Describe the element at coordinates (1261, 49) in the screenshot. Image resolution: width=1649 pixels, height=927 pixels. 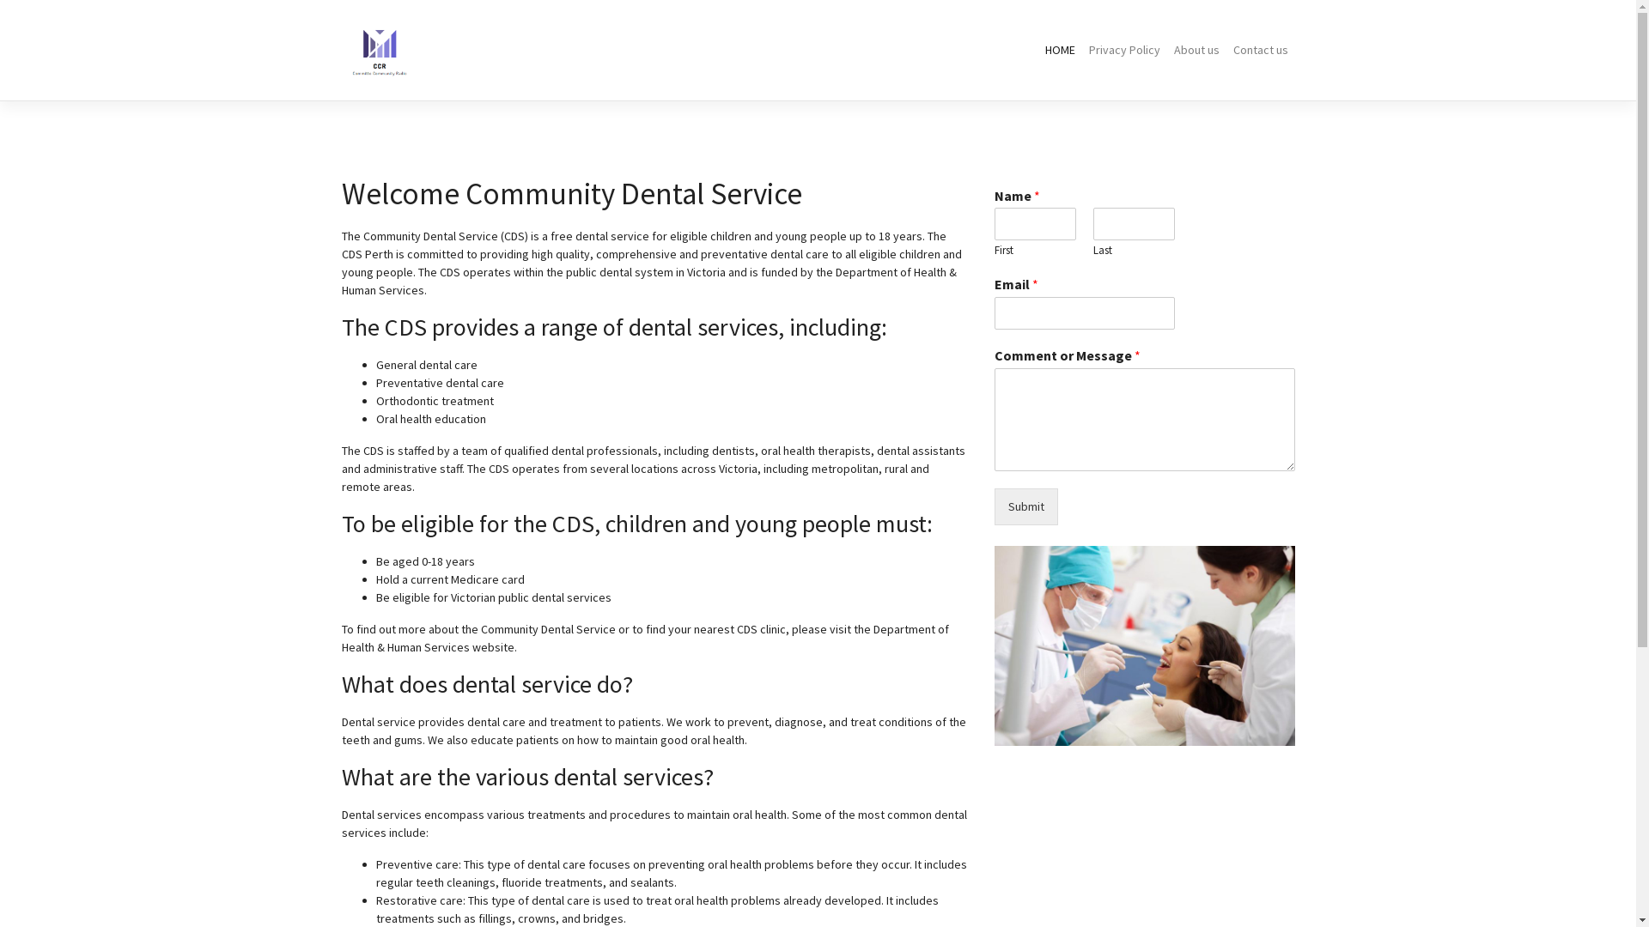
I see `'Contact us'` at that location.